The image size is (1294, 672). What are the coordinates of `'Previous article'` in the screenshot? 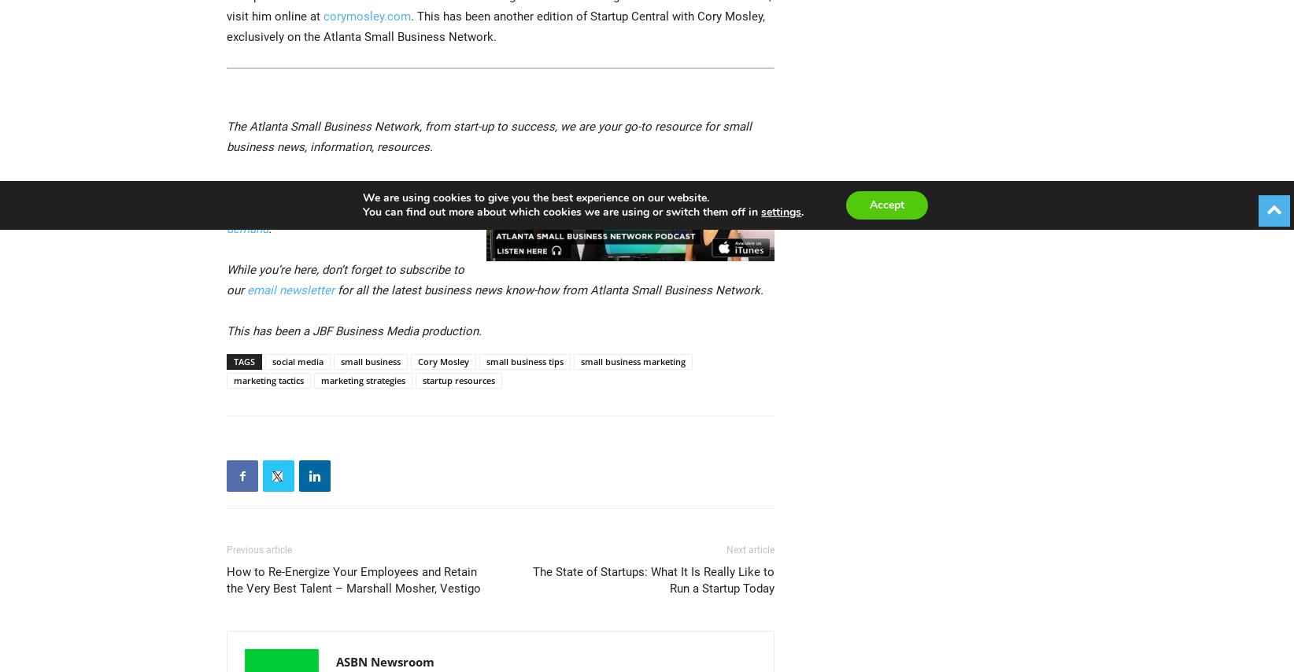 It's located at (227, 548).